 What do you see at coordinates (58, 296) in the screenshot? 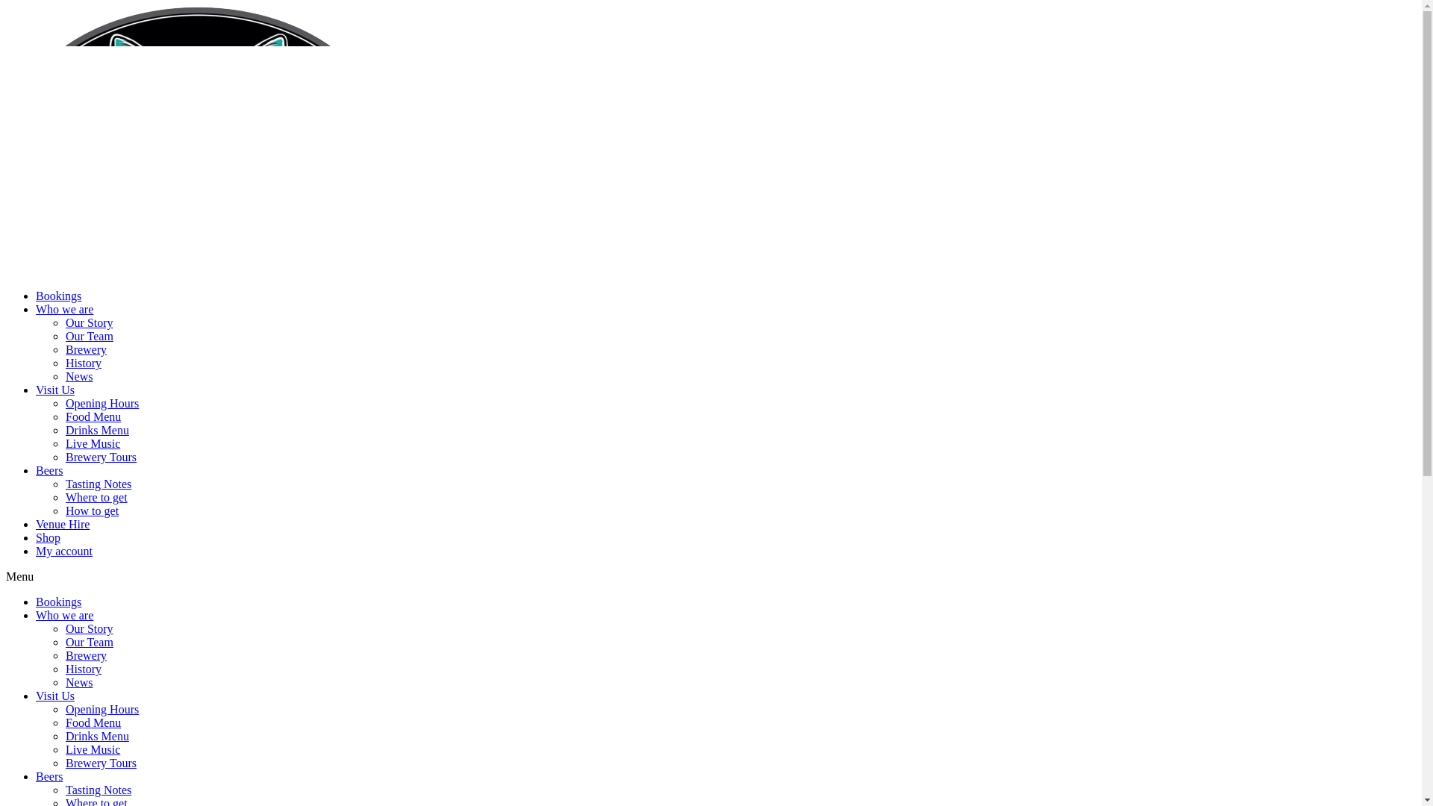
I see `'Bookings'` at bounding box center [58, 296].